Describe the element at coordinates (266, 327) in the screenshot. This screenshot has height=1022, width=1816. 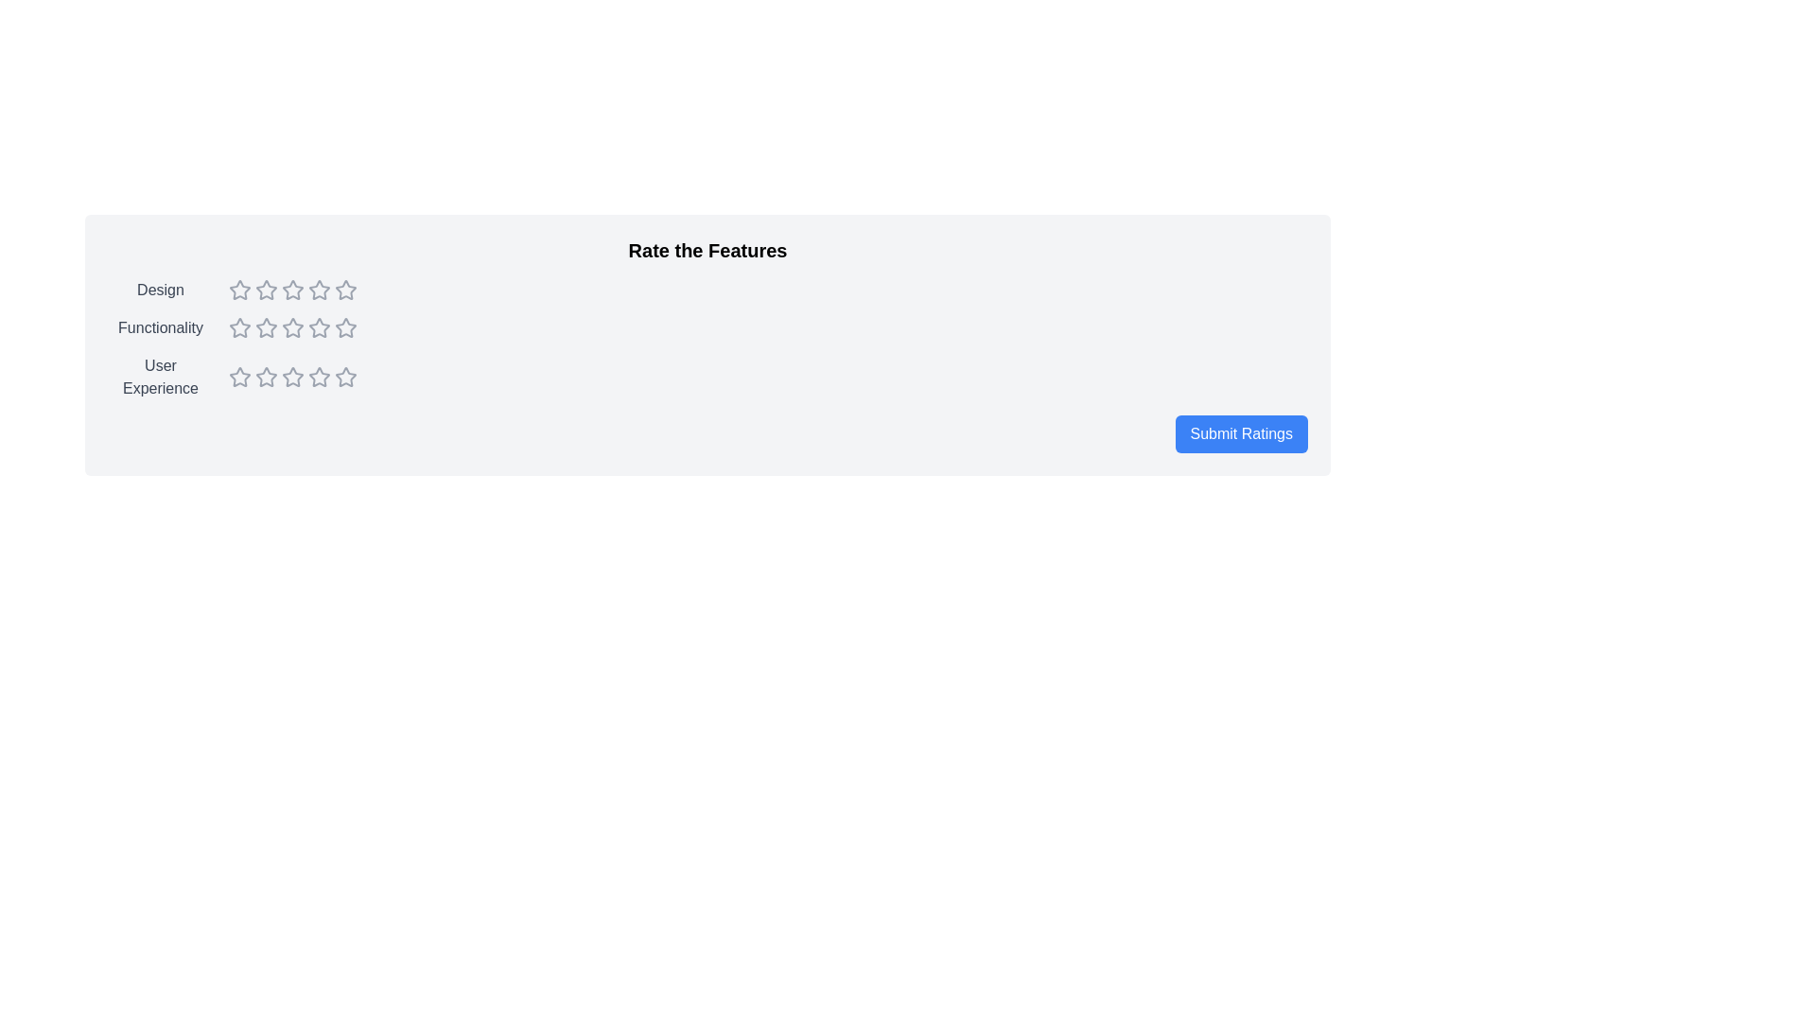
I see `the third gray star-shaped rating icon under the 'Functionality' category` at that location.